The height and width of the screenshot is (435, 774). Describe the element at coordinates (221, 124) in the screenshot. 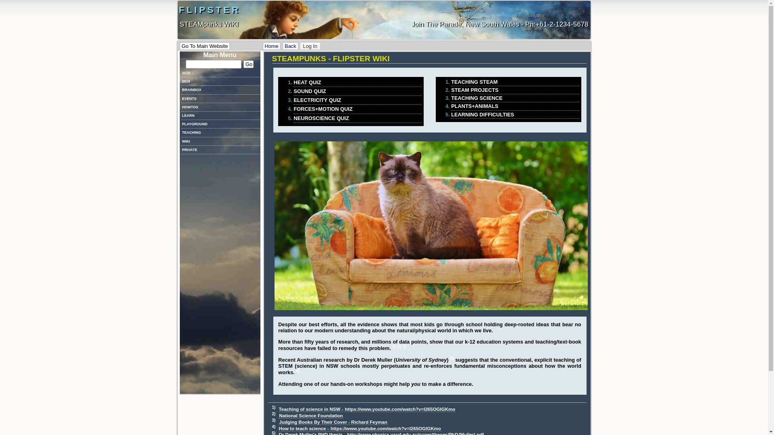

I see `'PLAYGROUND'` at that location.